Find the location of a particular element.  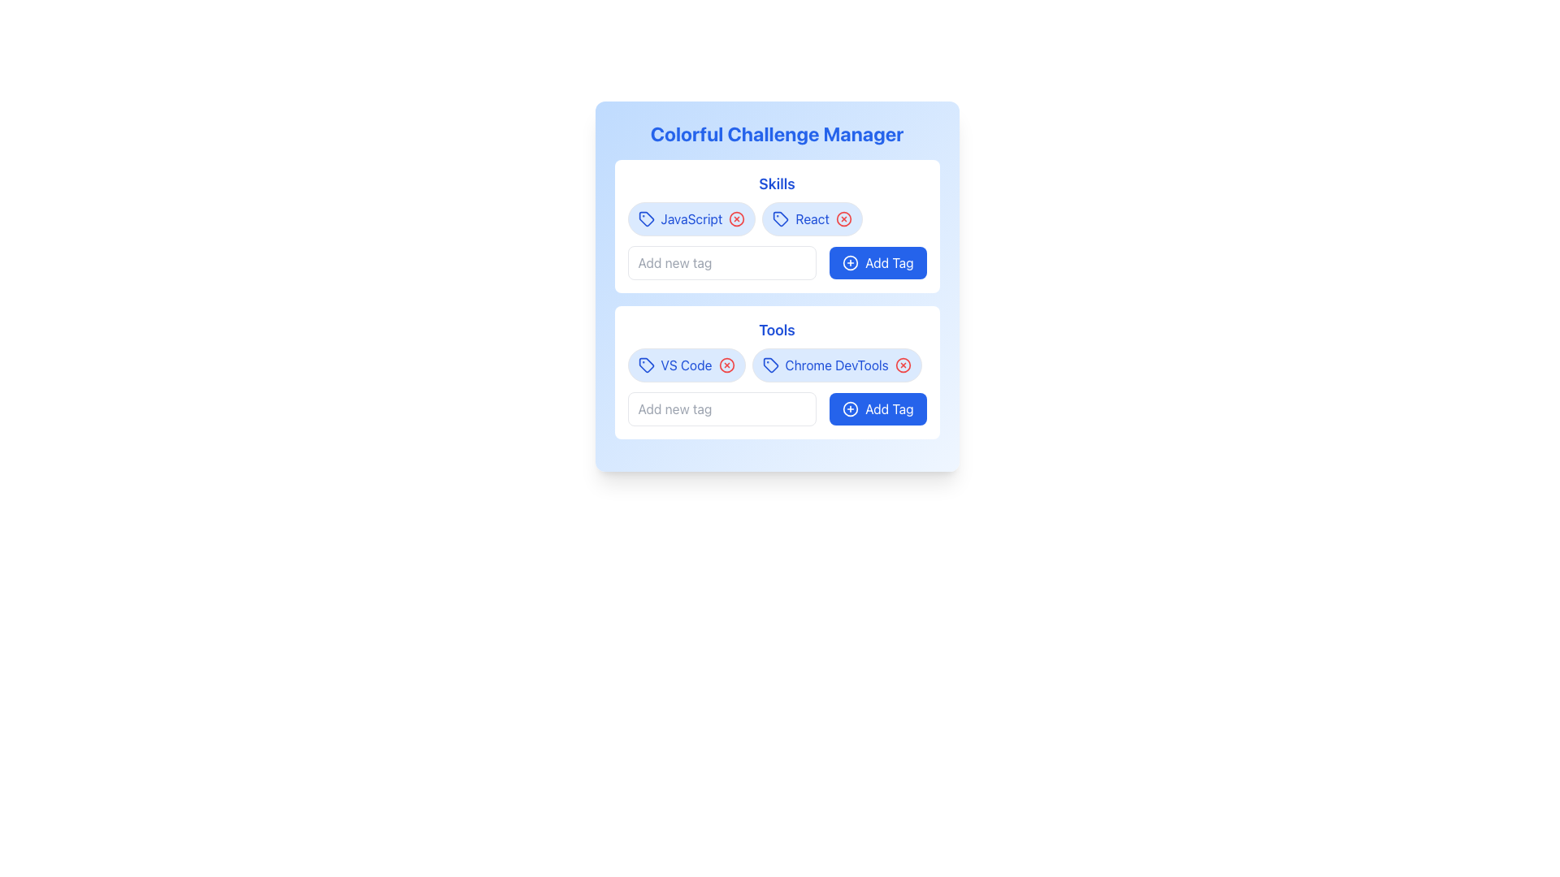

the 'JavaScript' skill label in the 'Skills' section of the 'Colorful Challenge Manager' card, which is the first tag in the row and is visually represented with an icon on its left is located at coordinates (691, 219).